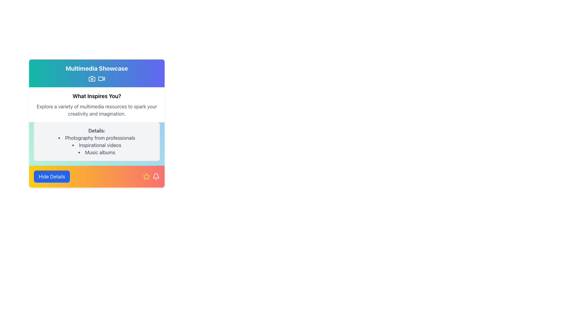  What do you see at coordinates (52, 177) in the screenshot?
I see `the vibrant blue rectangular button labeled 'Hide Details' located in the bottom left corner of the section with a gradient background to hide details` at bounding box center [52, 177].